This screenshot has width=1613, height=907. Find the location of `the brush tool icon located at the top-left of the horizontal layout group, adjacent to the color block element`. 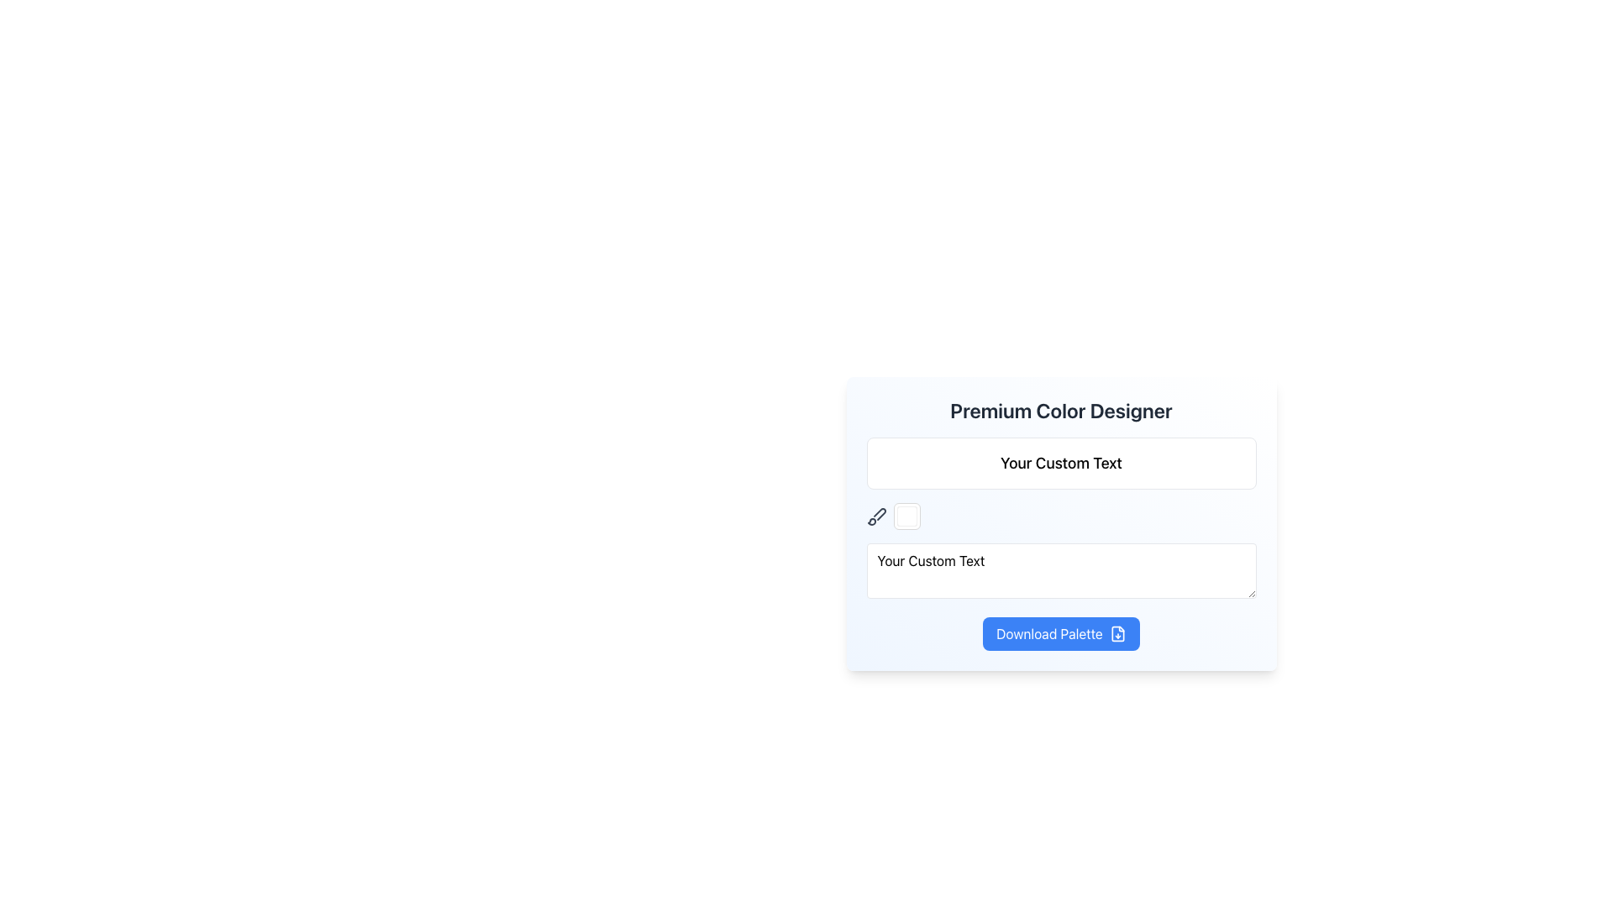

the brush tool icon located at the top-left of the horizontal layout group, adjacent to the color block element is located at coordinates (875, 515).